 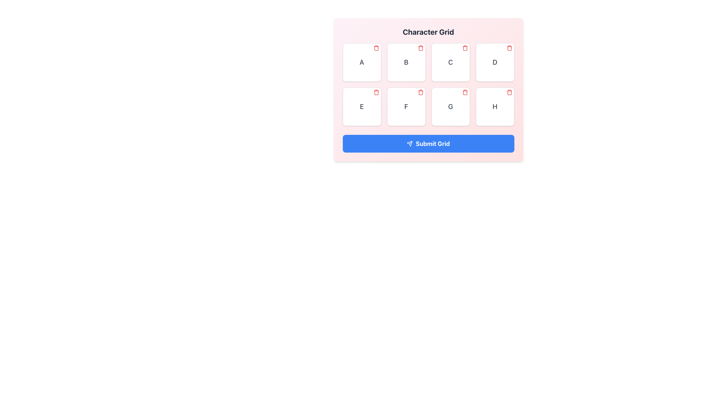 What do you see at coordinates (409, 144) in the screenshot?
I see `the paper plane icon within the 'Submit Grid' button, which is located to the left of the button's text` at bounding box center [409, 144].